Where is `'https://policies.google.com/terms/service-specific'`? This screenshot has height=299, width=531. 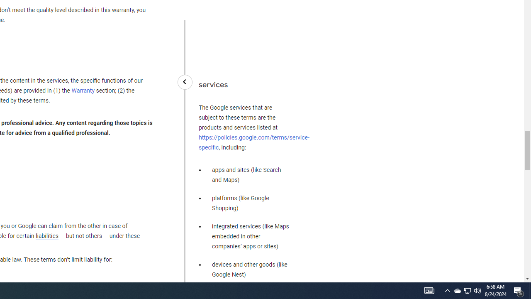 'https://policies.google.com/terms/service-specific' is located at coordinates (253, 142).